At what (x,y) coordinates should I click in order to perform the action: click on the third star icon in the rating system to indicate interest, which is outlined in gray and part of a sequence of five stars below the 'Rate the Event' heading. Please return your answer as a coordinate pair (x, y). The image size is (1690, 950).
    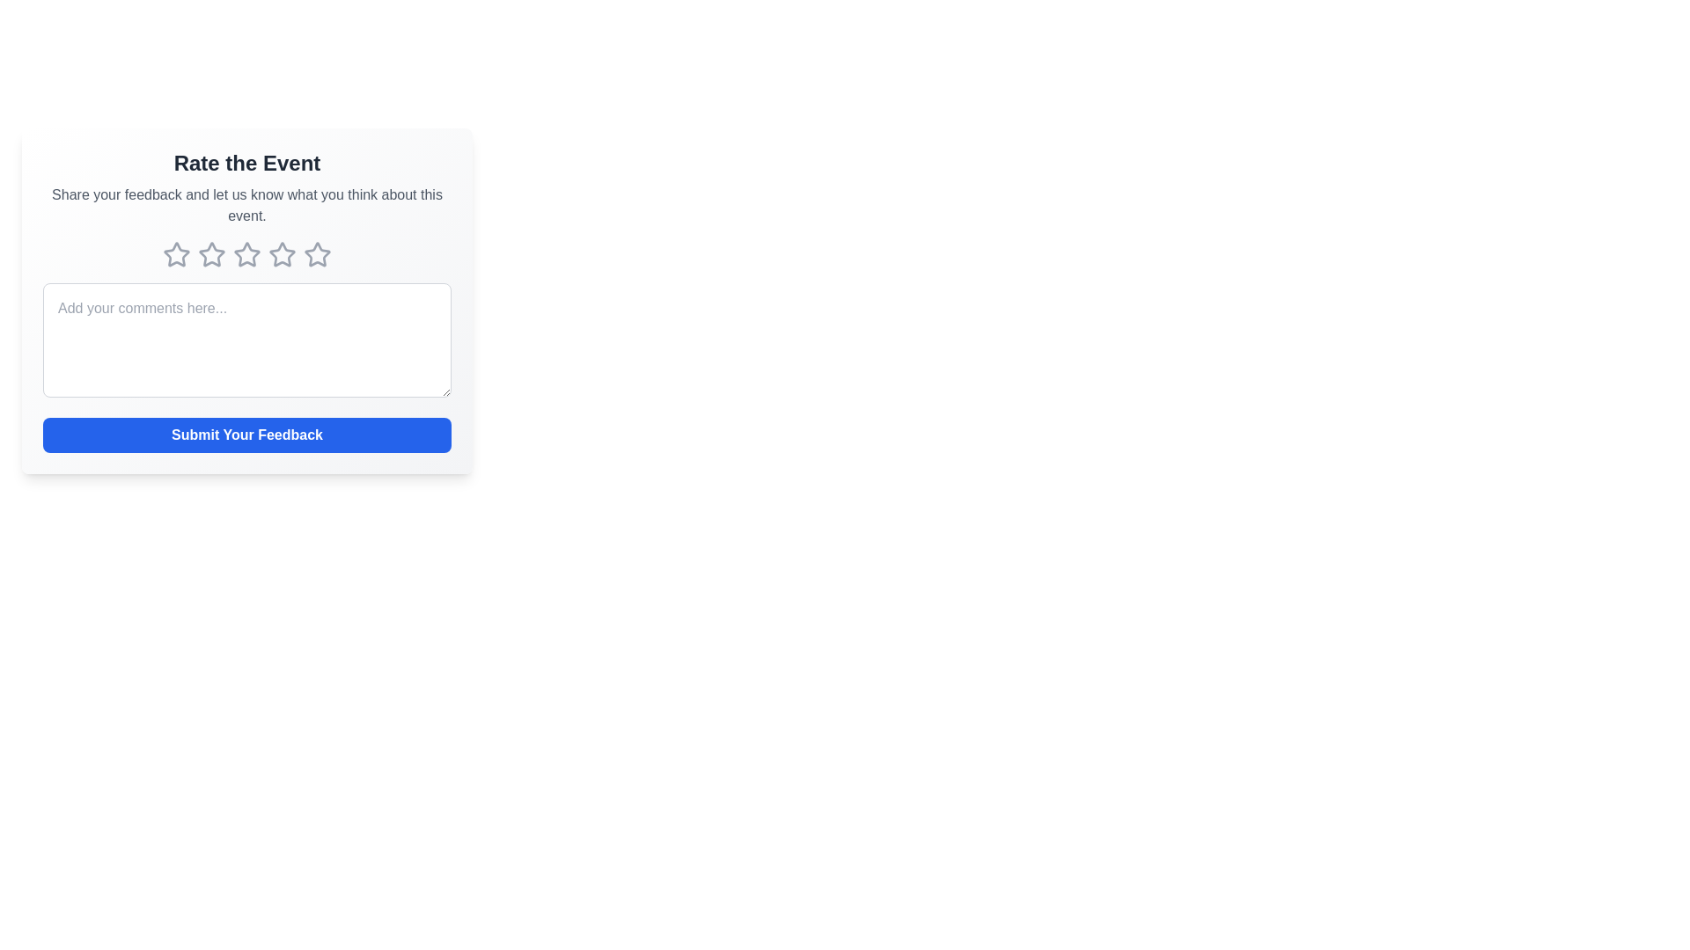
    Looking at the image, I should click on (246, 254).